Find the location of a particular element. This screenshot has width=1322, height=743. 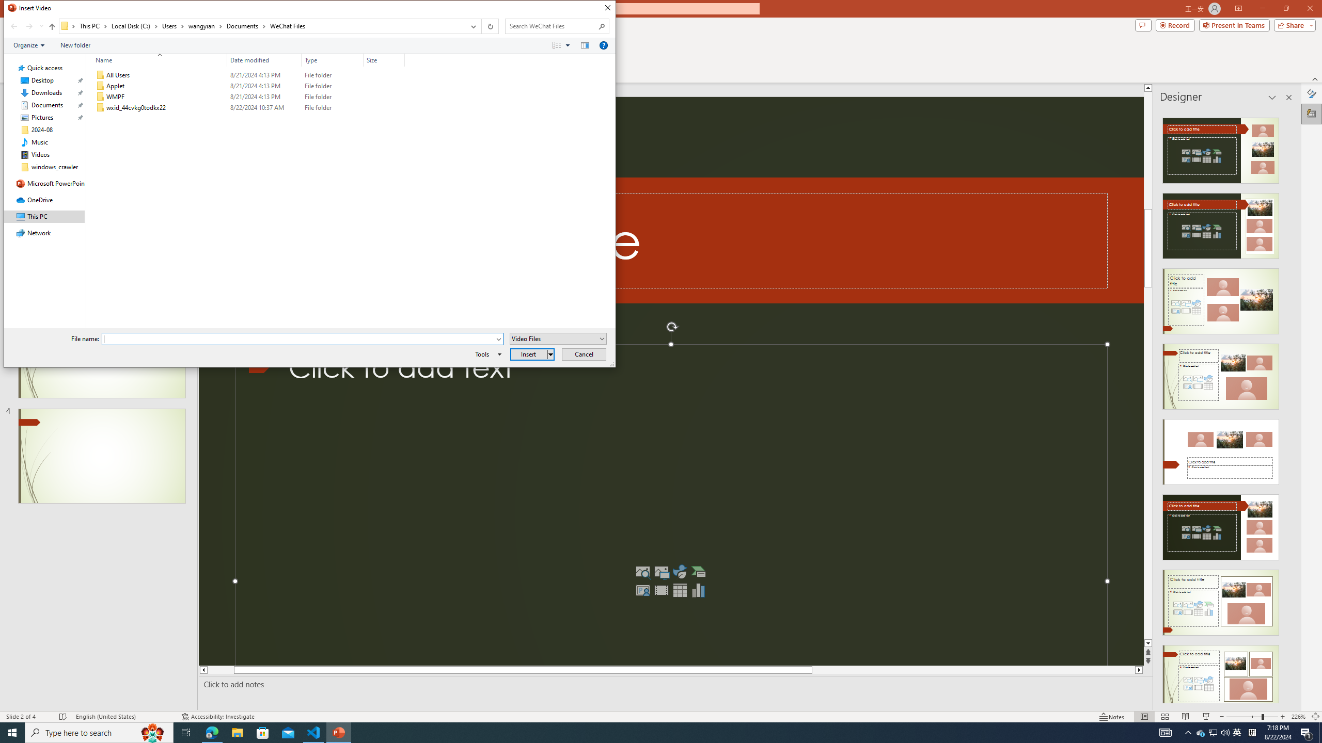

'Tools' is located at coordinates (486, 353).